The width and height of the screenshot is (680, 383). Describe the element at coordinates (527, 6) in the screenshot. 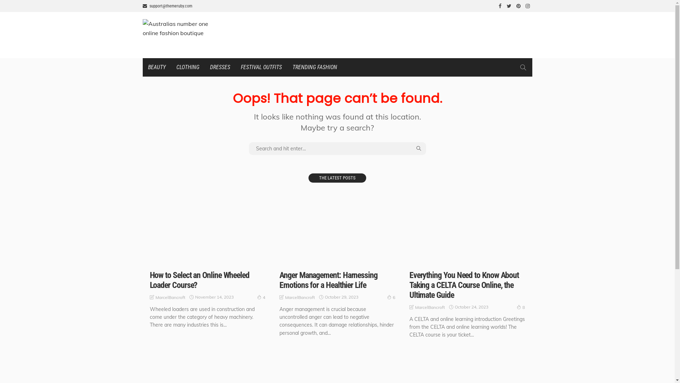

I see `'instagram'` at that location.